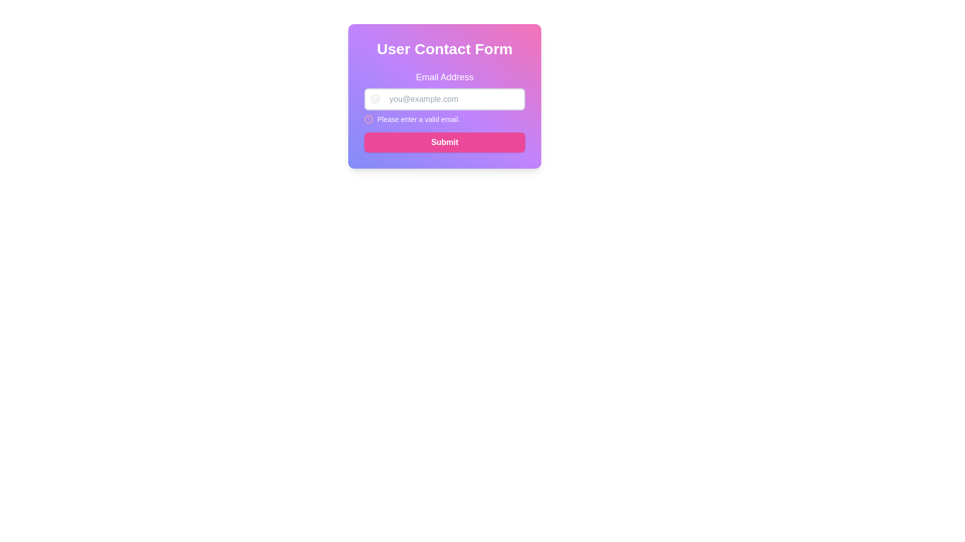 The width and height of the screenshot is (965, 542). I want to click on the circular alert icon, which is red and positioned to the left of the text 'Please enter a valid email.', so click(368, 119).